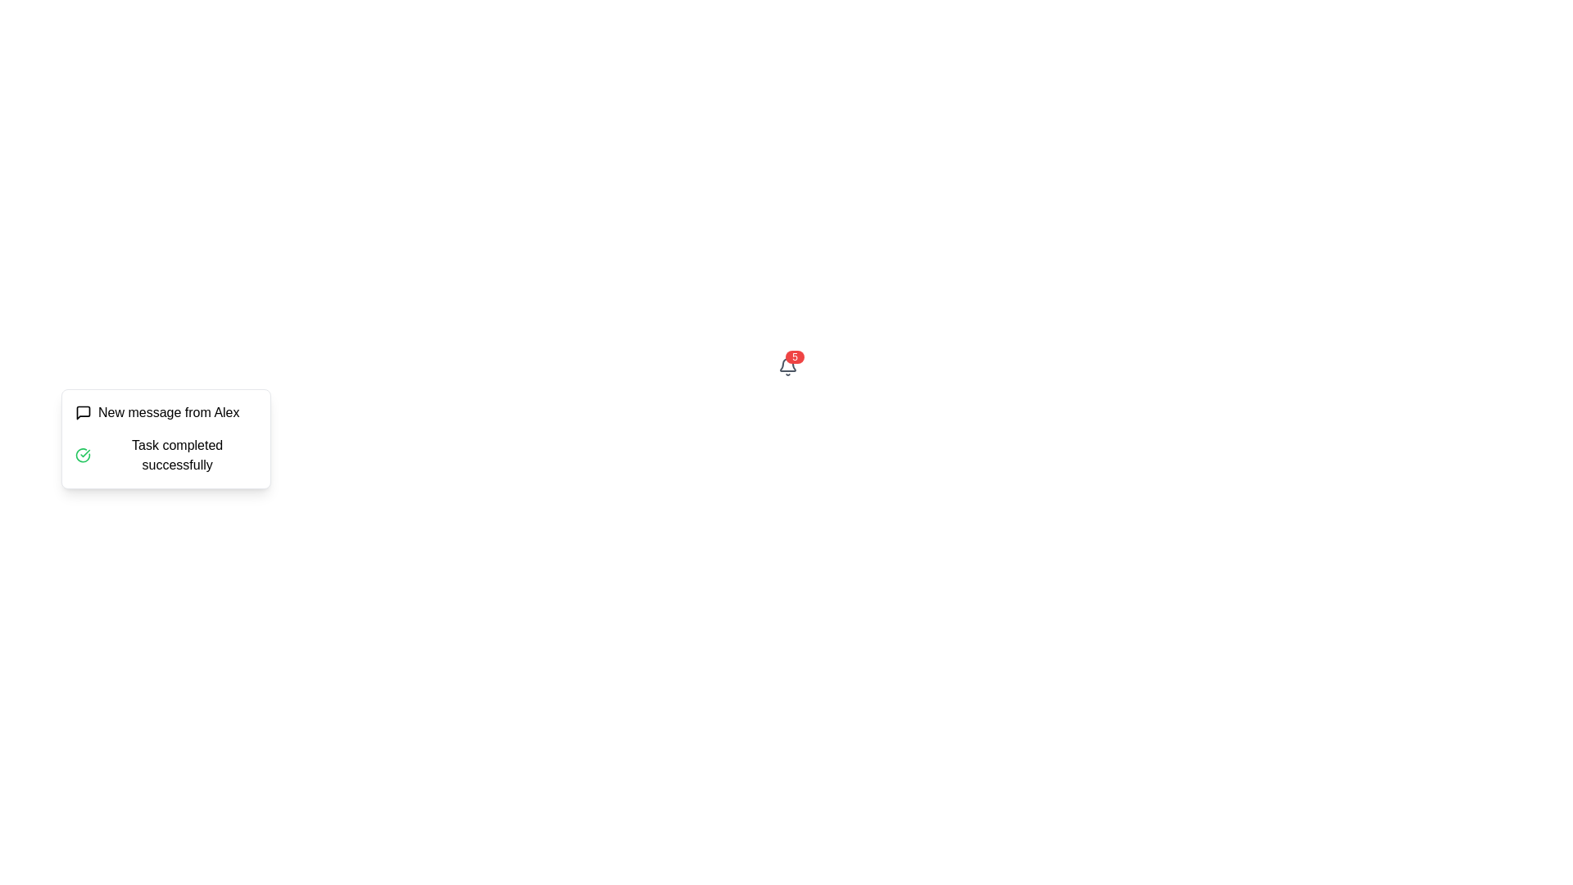 The height and width of the screenshot is (885, 1573). Describe the element at coordinates (169, 412) in the screenshot. I see `notification text displayed in the Text Label that indicates a new message received from 'Alex'` at that location.